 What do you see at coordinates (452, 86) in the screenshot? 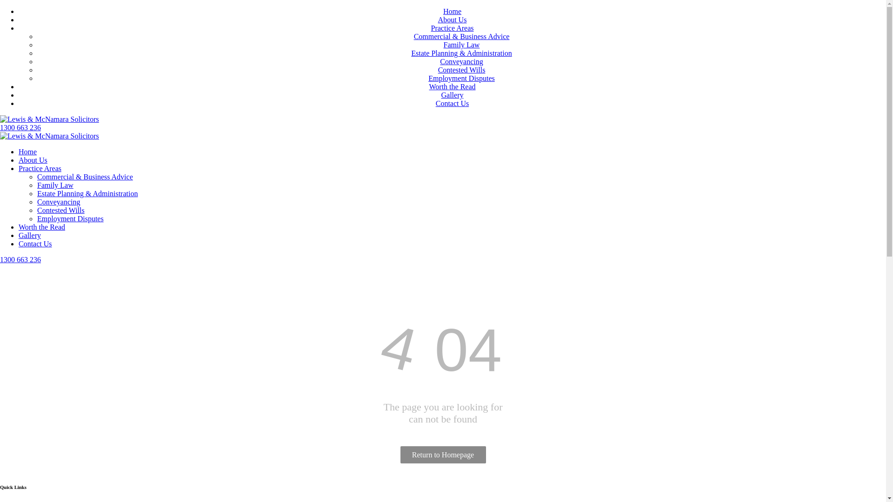
I see `'Worth the Read'` at bounding box center [452, 86].